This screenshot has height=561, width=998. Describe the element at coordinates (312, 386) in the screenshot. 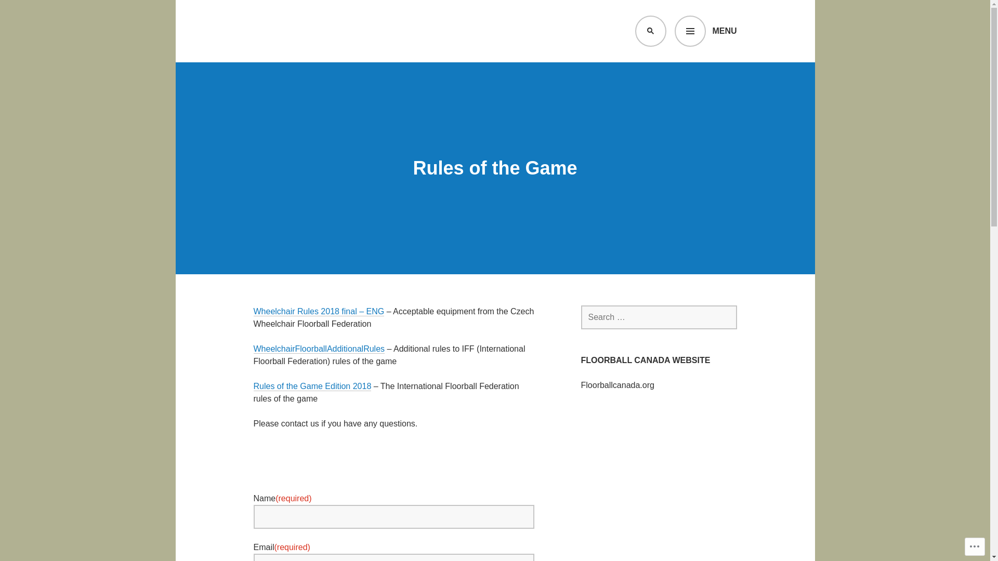

I see `'Rules of the Game Edition 2018'` at that location.